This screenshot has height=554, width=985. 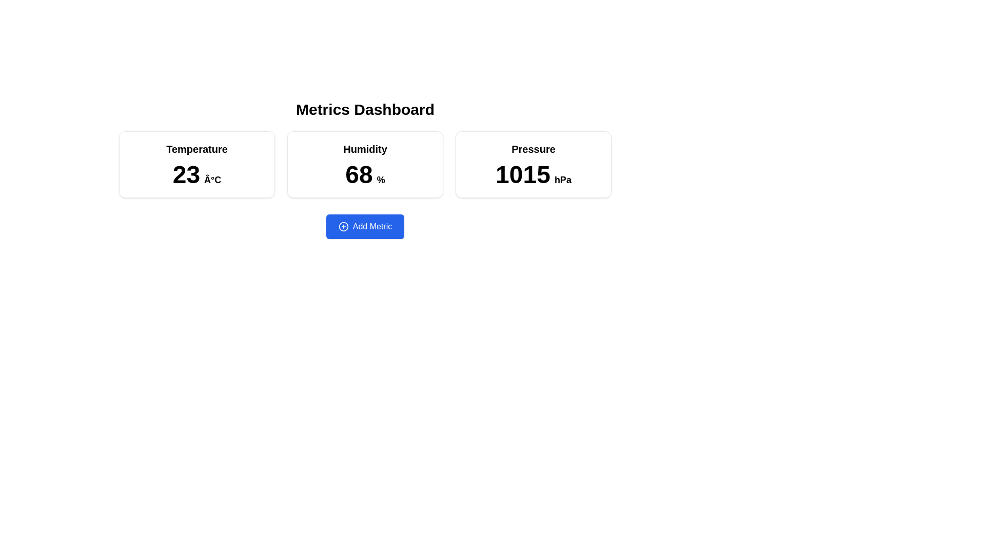 What do you see at coordinates (197, 174) in the screenshot?
I see `the Text Label displaying the current temperature value, which is centrally aligned within the 'Temperature' card and shows the value '23°C'` at bounding box center [197, 174].